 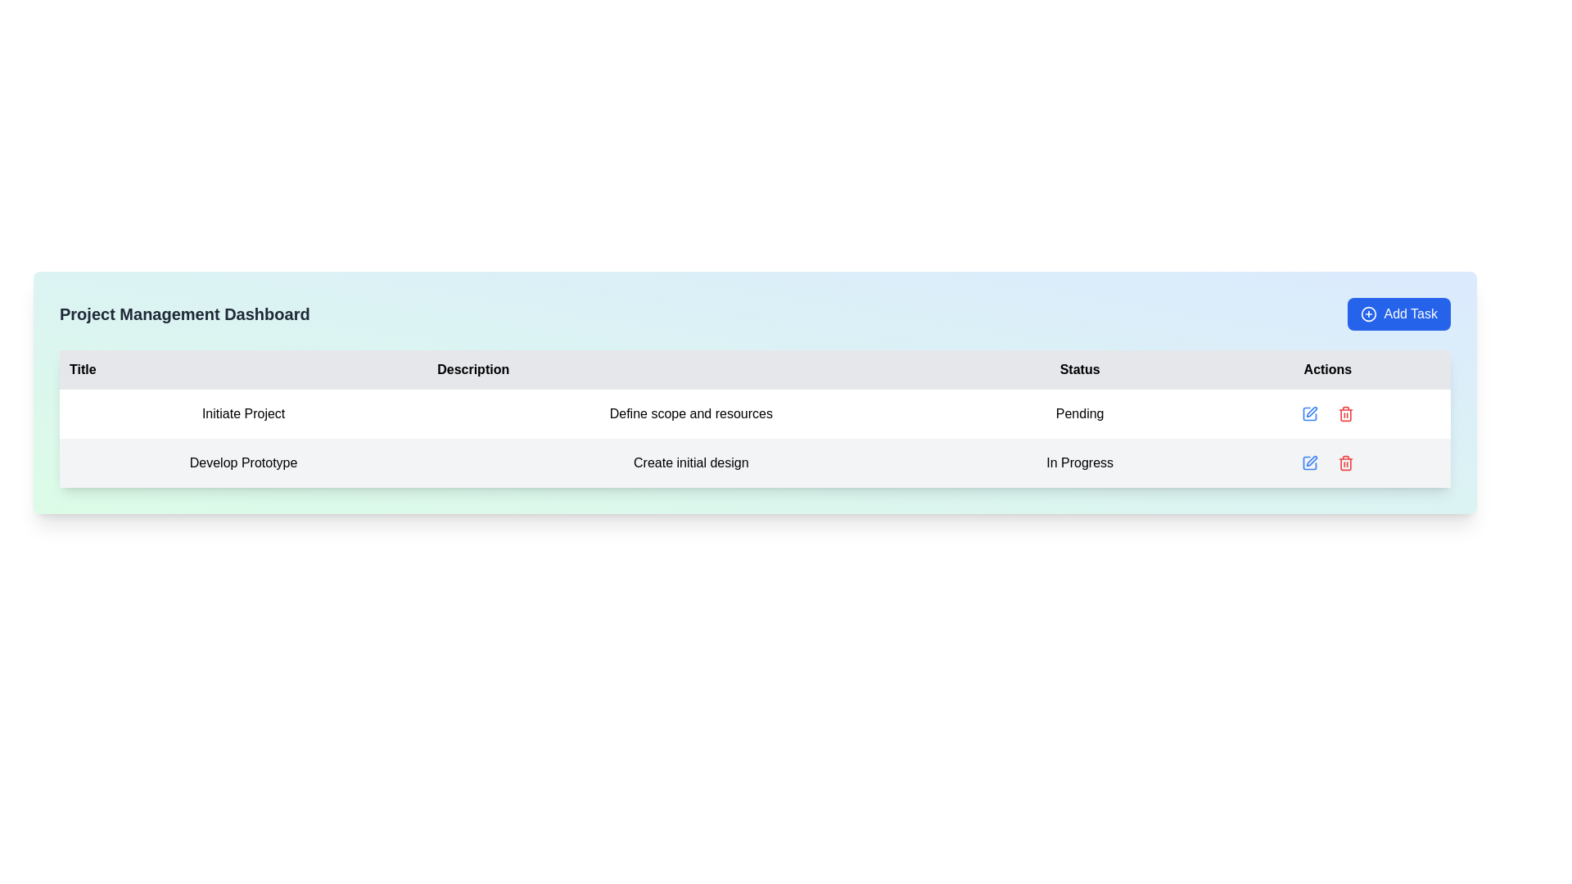 I want to click on the first row in the project management task list, so click(x=754, y=413).